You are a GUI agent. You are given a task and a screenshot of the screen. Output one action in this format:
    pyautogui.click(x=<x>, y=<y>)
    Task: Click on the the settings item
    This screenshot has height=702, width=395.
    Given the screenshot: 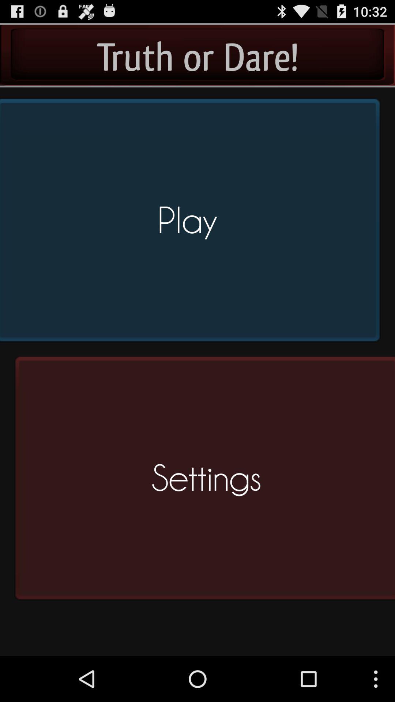 What is the action you would take?
    pyautogui.click(x=202, y=481)
    